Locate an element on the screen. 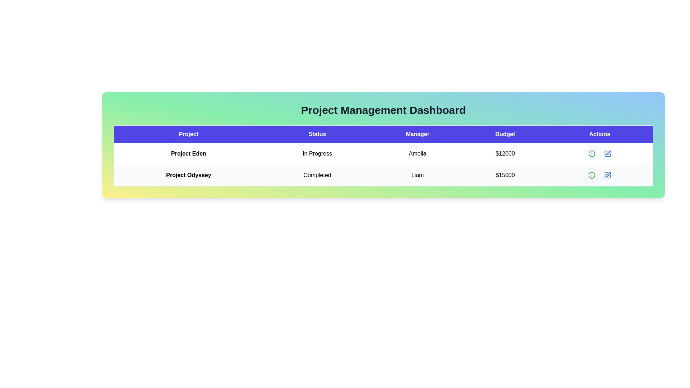 This screenshot has height=388, width=690. the textual label displaying the status 'In Progress' in the 'Status' column of the table layout is located at coordinates (317, 153).